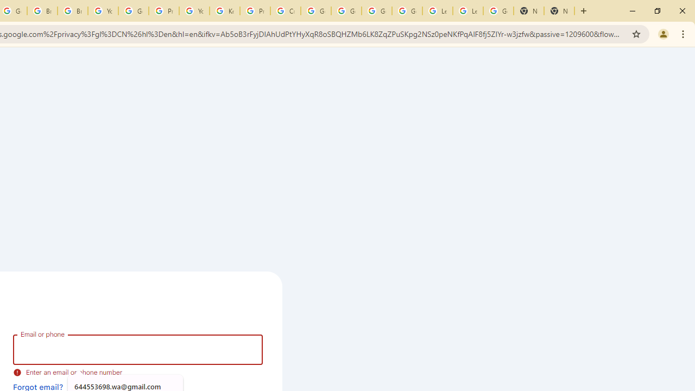 The height and width of the screenshot is (391, 695). Describe the element at coordinates (194, 11) in the screenshot. I see `'YouTube'` at that location.